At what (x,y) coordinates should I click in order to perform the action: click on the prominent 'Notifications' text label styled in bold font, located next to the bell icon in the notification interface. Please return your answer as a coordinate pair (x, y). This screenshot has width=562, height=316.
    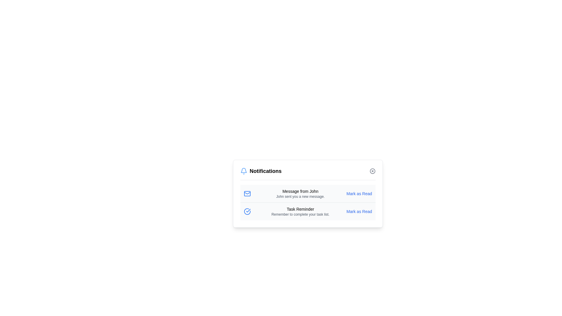
    Looking at the image, I should click on (265, 171).